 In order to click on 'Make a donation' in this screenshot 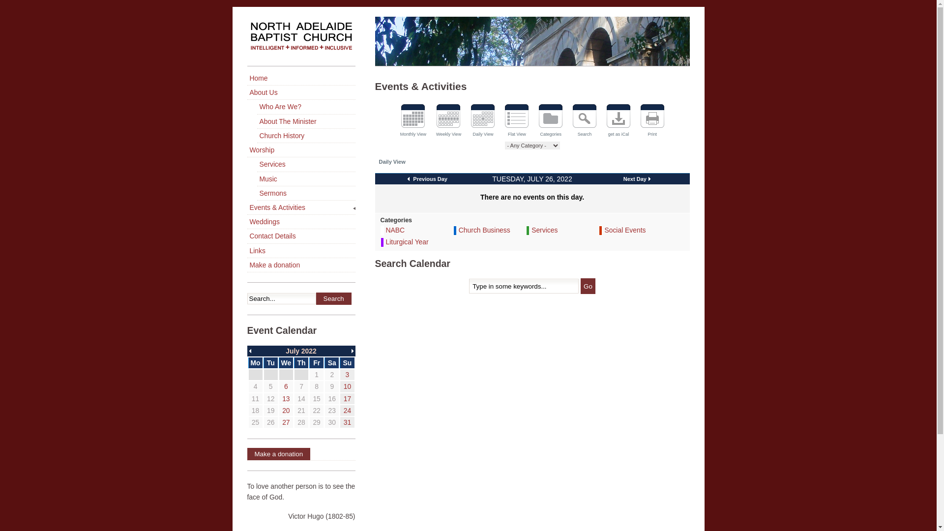, I will do `click(300, 454)`.